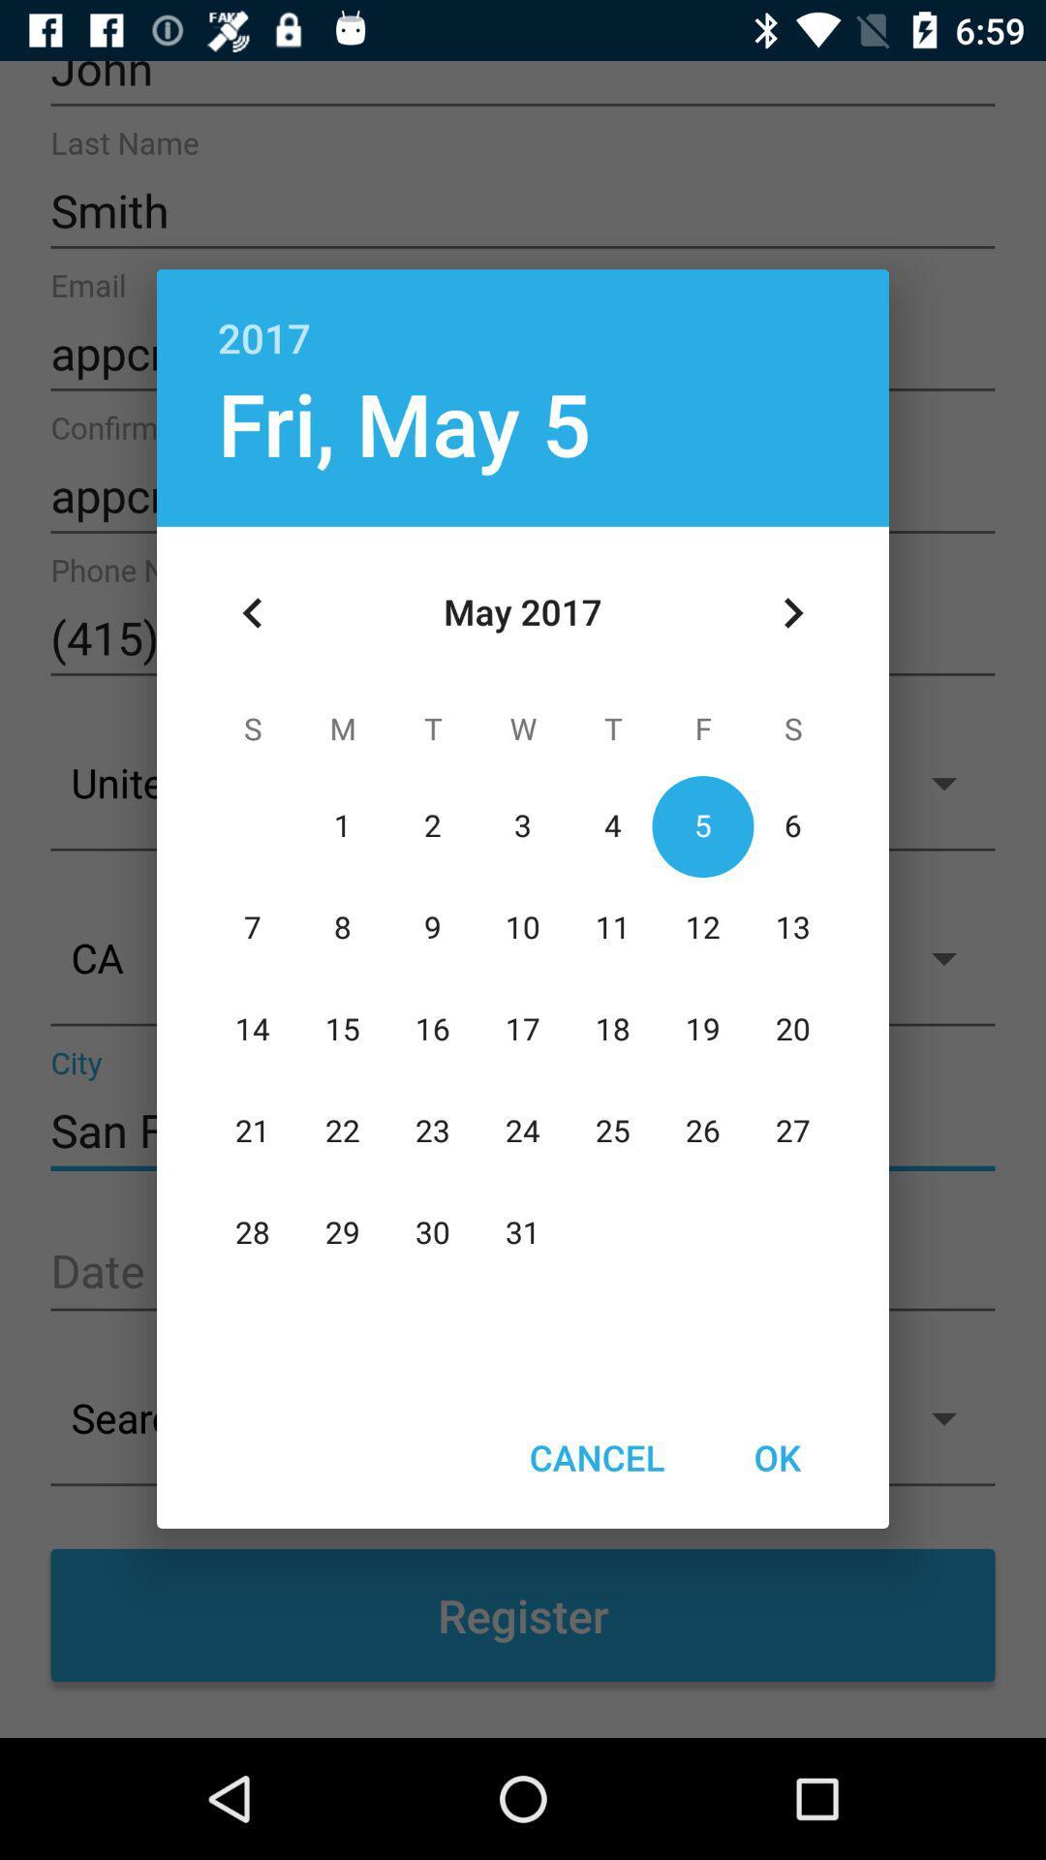 Image resolution: width=1046 pixels, height=1860 pixels. Describe the element at coordinates (776, 1457) in the screenshot. I see `the icon next to the cancel icon` at that location.